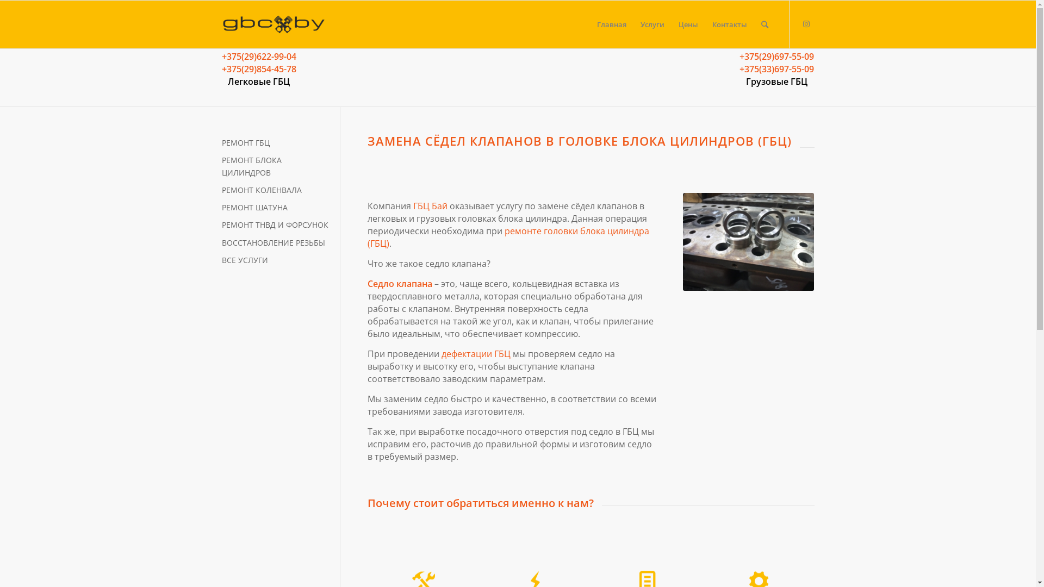 This screenshot has width=1044, height=587. I want to click on 'Instagram', so click(798, 23).